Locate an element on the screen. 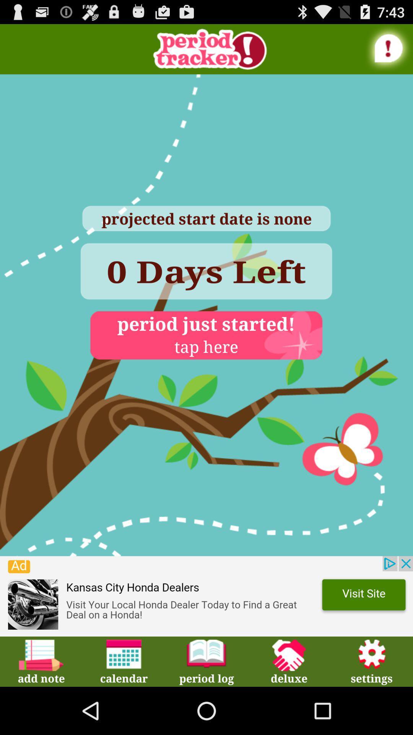 The image size is (413, 735). information is located at coordinates (389, 47).